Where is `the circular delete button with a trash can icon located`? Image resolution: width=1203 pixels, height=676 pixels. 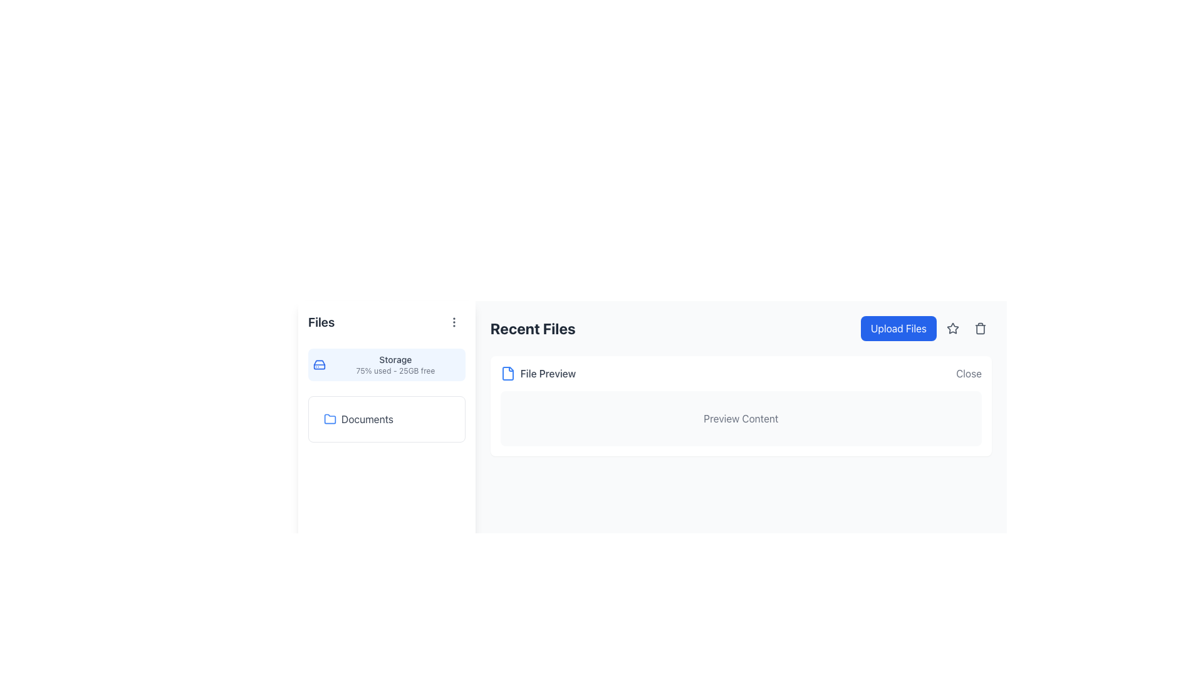 the circular delete button with a trash can icon located is located at coordinates (979, 327).